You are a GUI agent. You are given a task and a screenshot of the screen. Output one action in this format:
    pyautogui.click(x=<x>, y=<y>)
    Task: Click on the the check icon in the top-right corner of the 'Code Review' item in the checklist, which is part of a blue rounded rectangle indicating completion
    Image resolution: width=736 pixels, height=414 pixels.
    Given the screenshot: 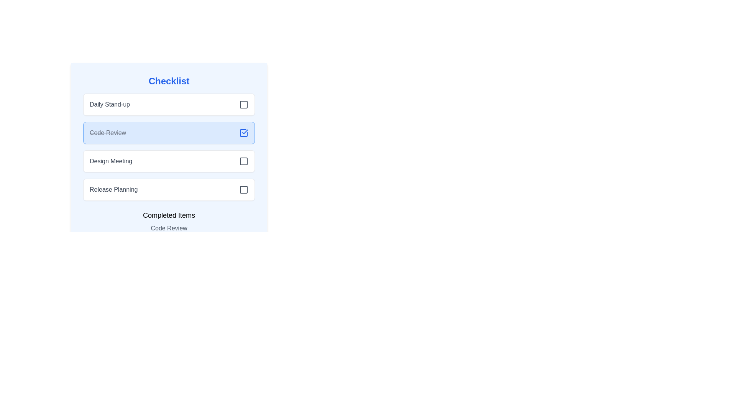 What is the action you would take?
    pyautogui.click(x=243, y=133)
    